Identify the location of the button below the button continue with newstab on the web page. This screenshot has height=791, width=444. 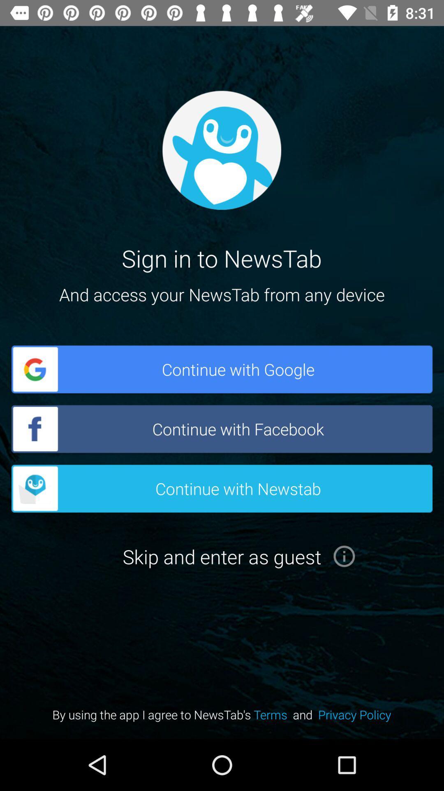
(222, 556).